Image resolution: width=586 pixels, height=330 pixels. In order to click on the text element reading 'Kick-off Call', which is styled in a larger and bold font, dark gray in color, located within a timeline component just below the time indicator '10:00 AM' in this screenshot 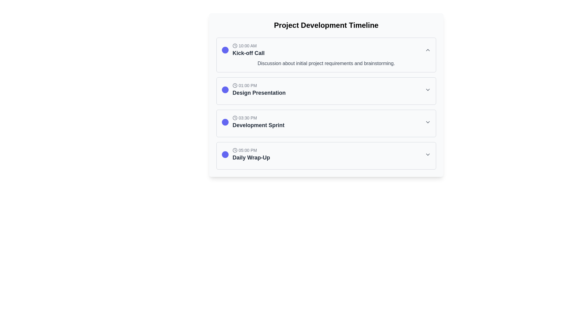, I will do `click(248, 53)`.